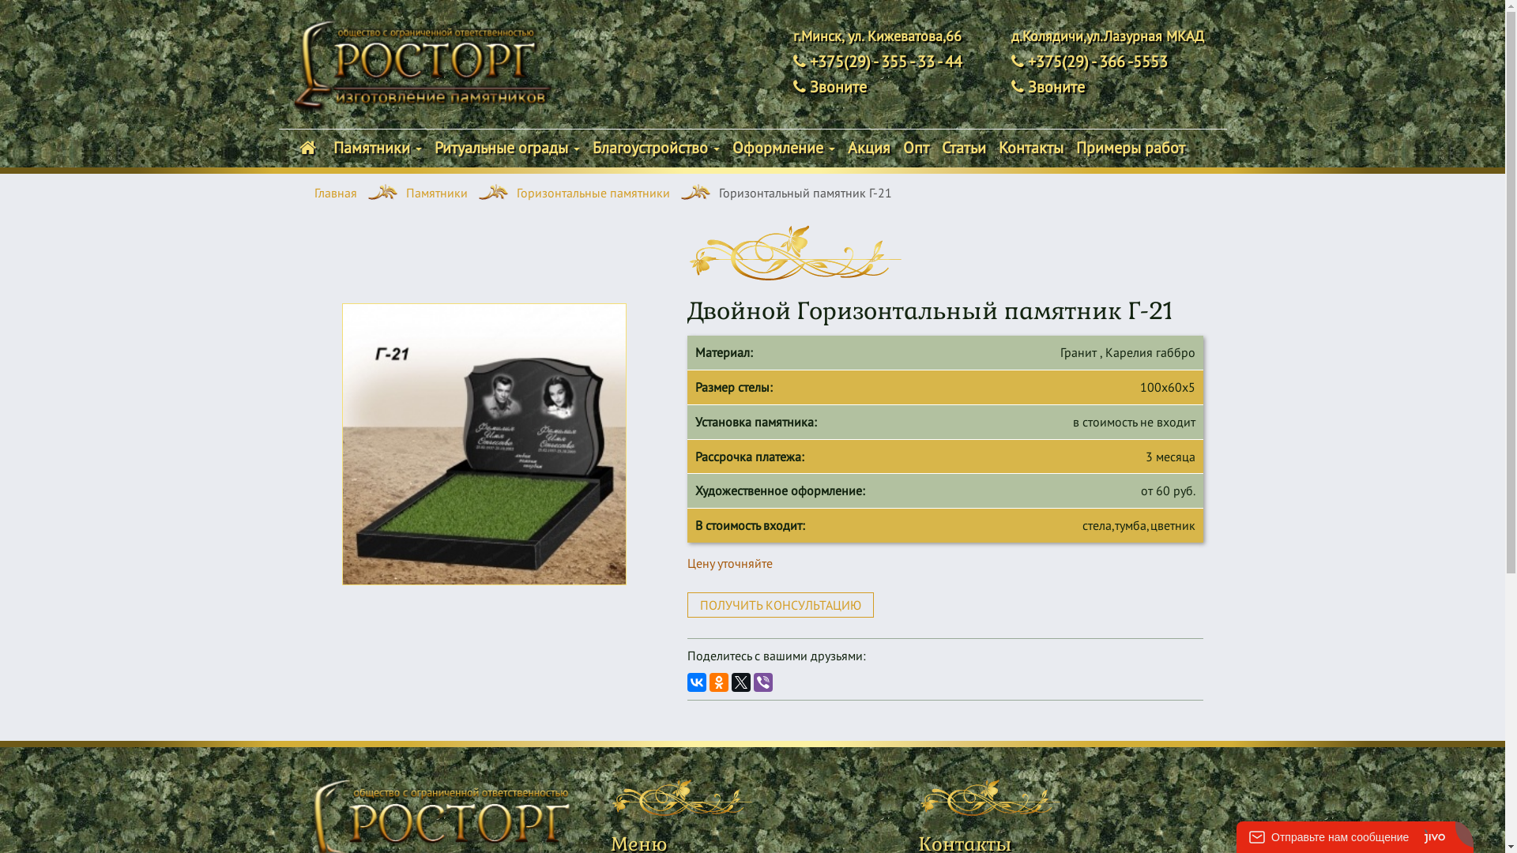 This screenshot has height=853, width=1517. What do you see at coordinates (308, 147) in the screenshot?
I see `' '` at bounding box center [308, 147].